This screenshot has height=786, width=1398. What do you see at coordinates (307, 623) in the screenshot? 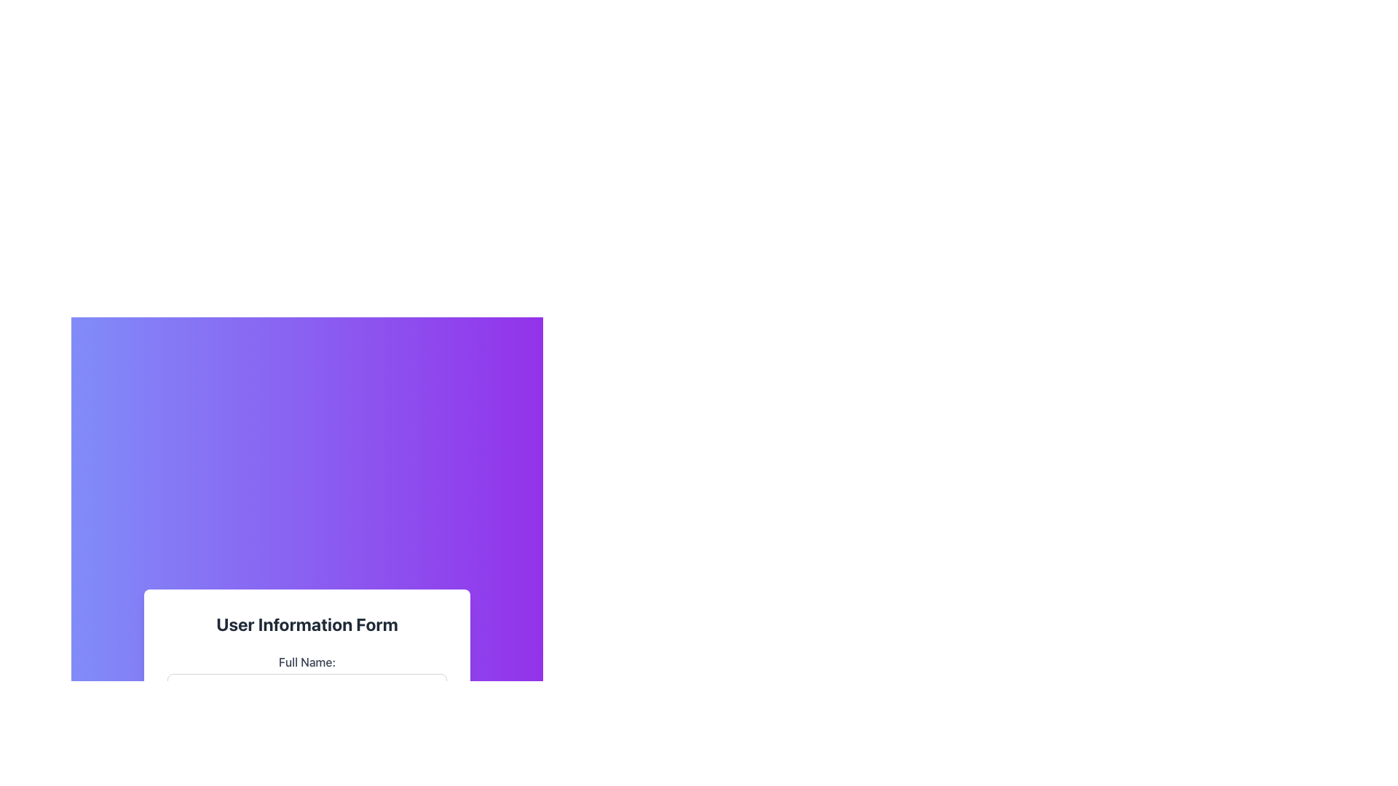
I see `the header text label that serves as a clear identifier for the associated form, positioned centrally above the 'Full Name:' label` at bounding box center [307, 623].